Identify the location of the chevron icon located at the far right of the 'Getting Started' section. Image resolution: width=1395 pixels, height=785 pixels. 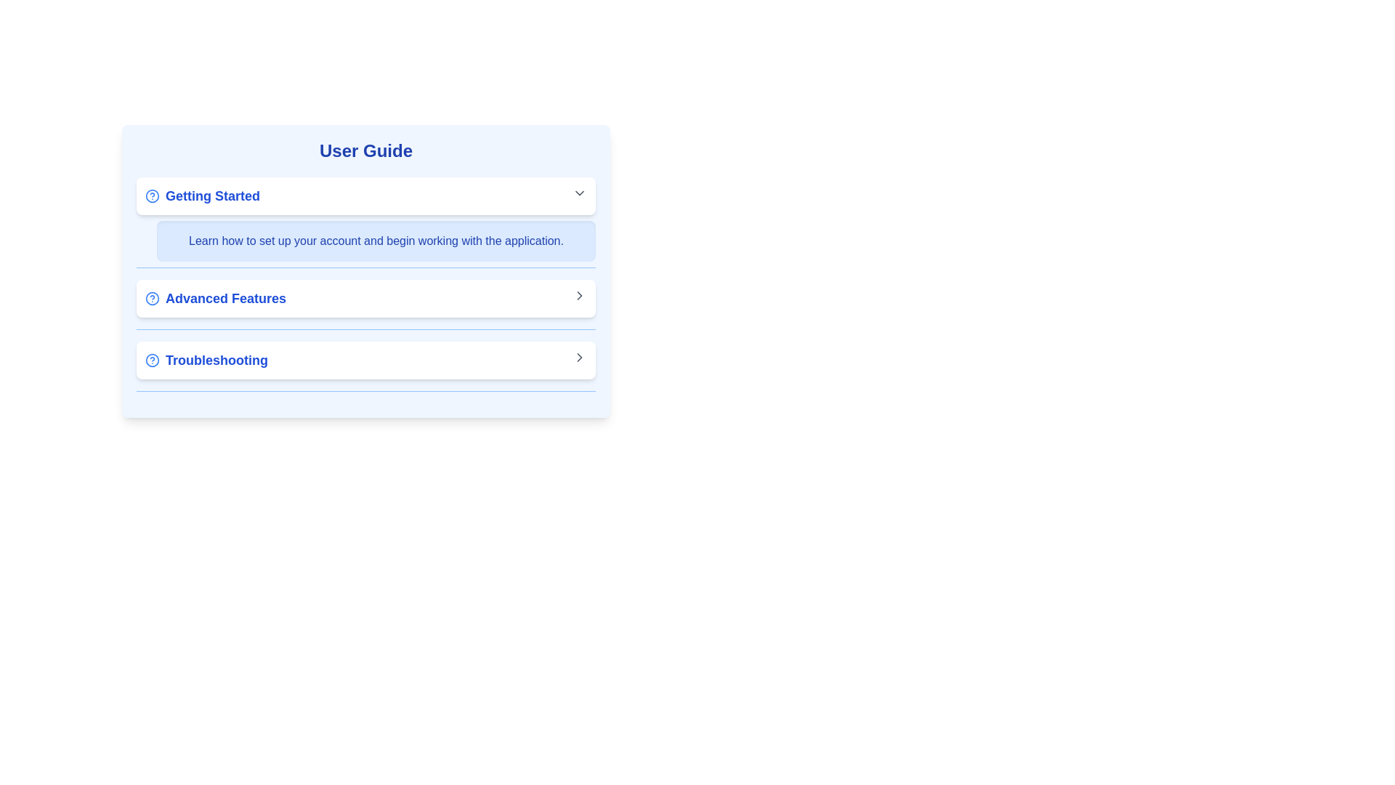
(578, 193).